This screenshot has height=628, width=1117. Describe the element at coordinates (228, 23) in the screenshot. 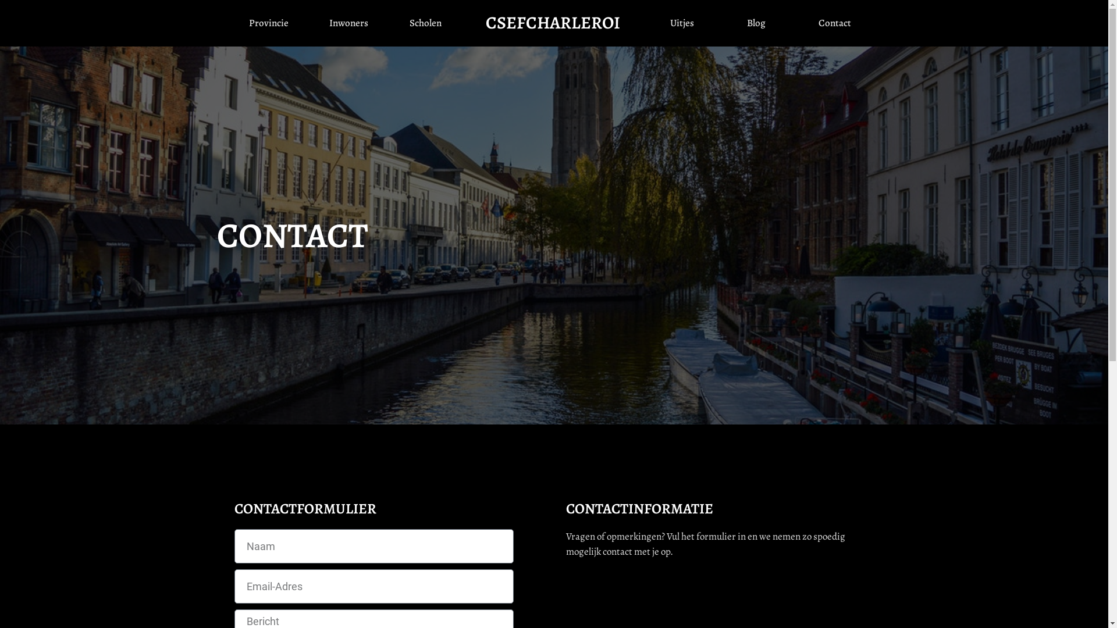

I see `'Provincie'` at that location.